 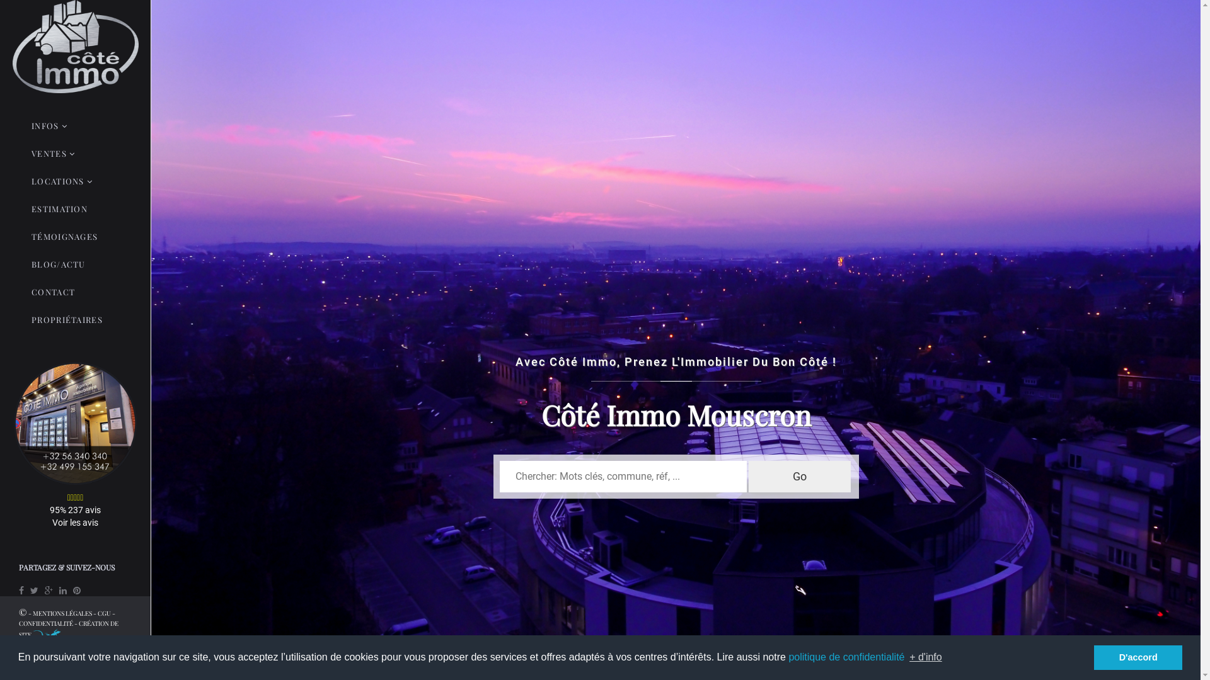 I want to click on 'Go', so click(x=798, y=476).